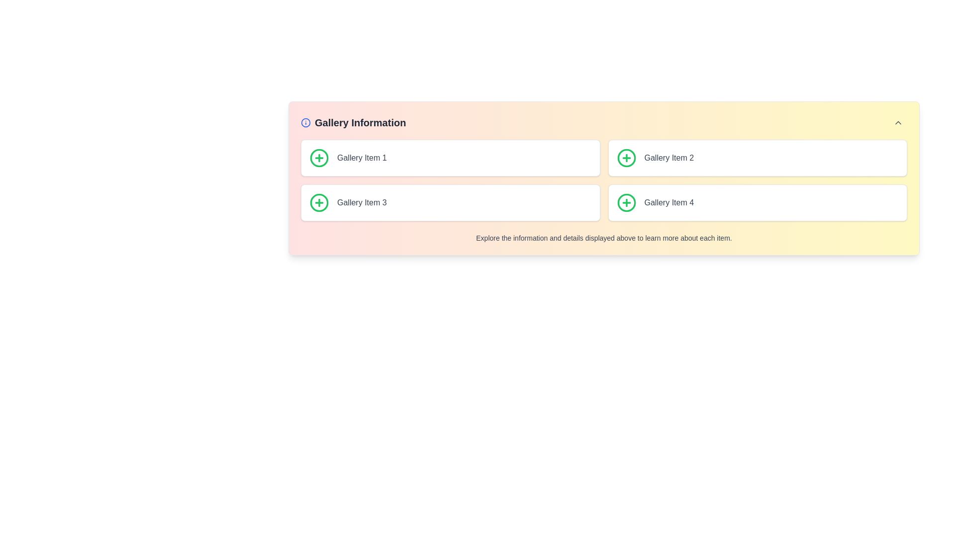 This screenshot has width=955, height=537. I want to click on the Chevron icon located at the top-right corner of the 'Gallery Information' panel, so click(898, 122).